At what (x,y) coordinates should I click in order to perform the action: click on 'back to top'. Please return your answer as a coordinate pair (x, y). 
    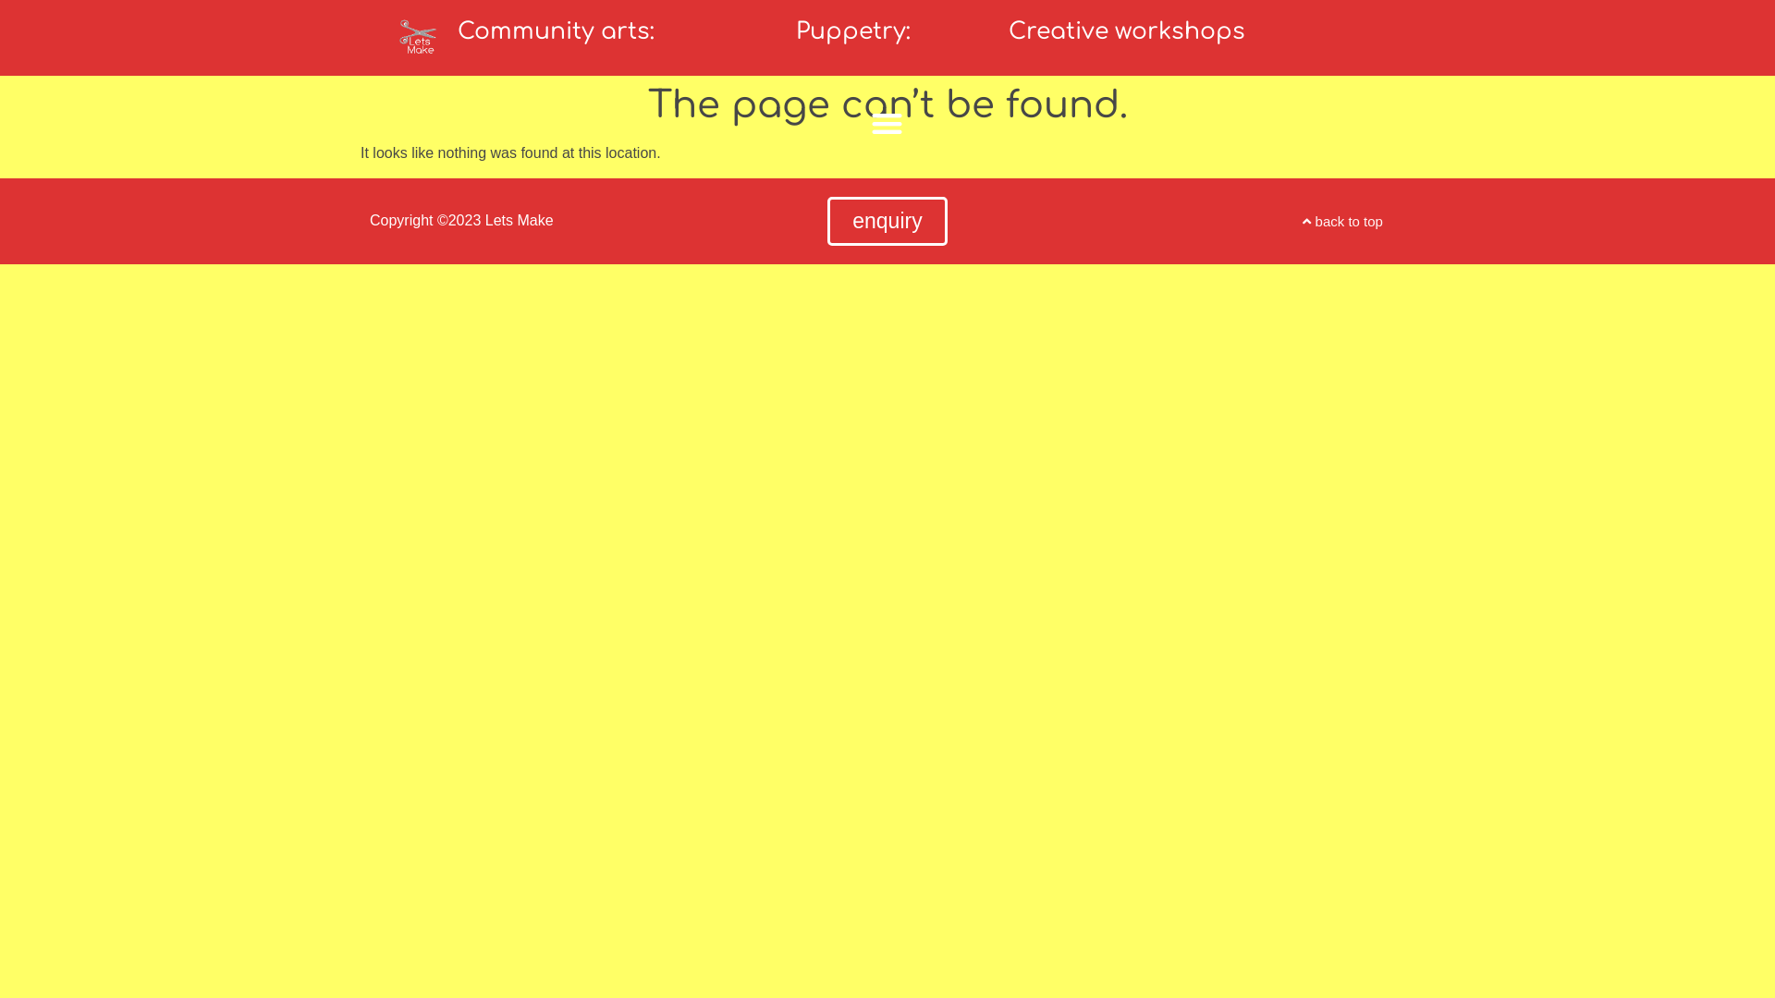
    Looking at the image, I should click on (1342, 220).